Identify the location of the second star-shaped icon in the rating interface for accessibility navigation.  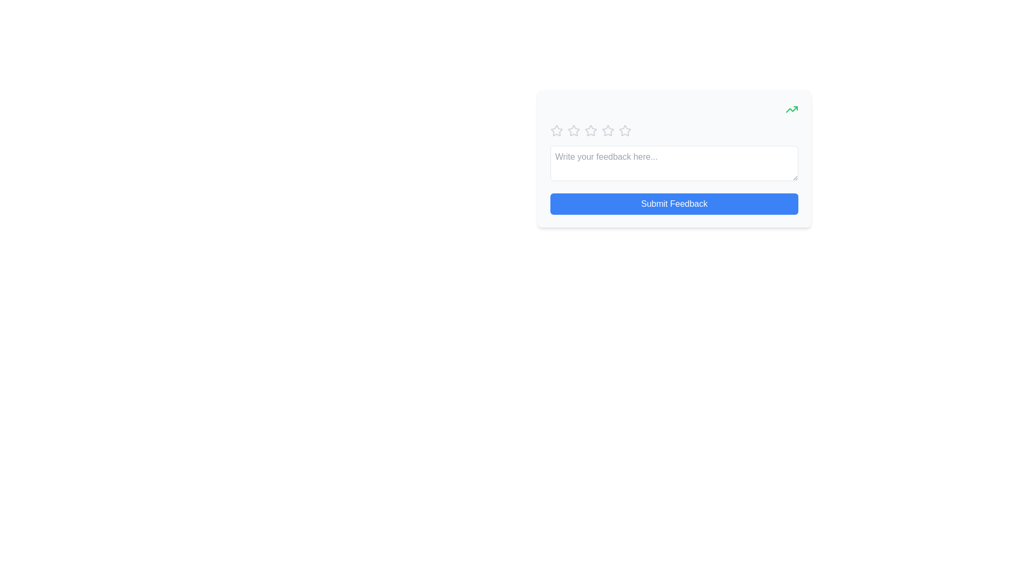
(573, 130).